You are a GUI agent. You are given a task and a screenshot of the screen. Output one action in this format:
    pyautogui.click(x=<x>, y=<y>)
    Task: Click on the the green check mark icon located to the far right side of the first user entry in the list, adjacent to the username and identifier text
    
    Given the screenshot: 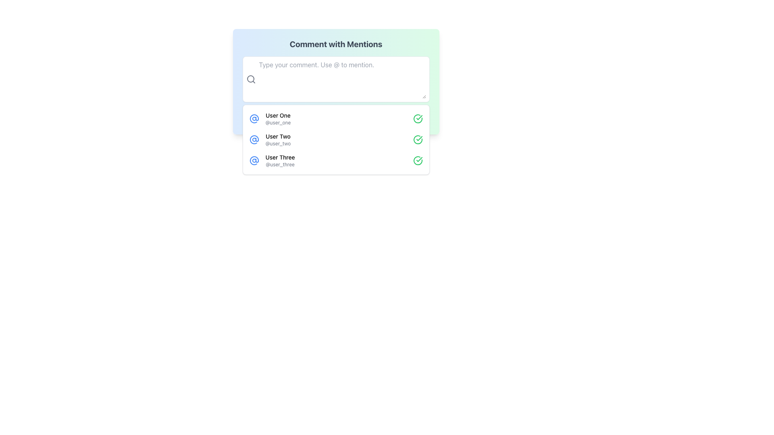 What is the action you would take?
    pyautogui.click(x=418, y=118)
    